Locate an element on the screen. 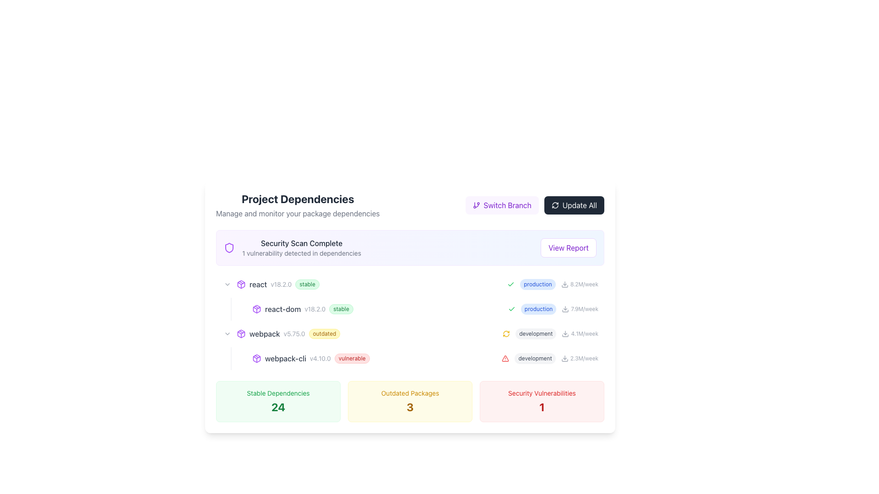 This screenshot has width=879, height=494. the refresh circular arrow icon, which is styled in white and located to the left of the 'Update All' button in the upper right corner of the interface is located at coordinates (554, 204).